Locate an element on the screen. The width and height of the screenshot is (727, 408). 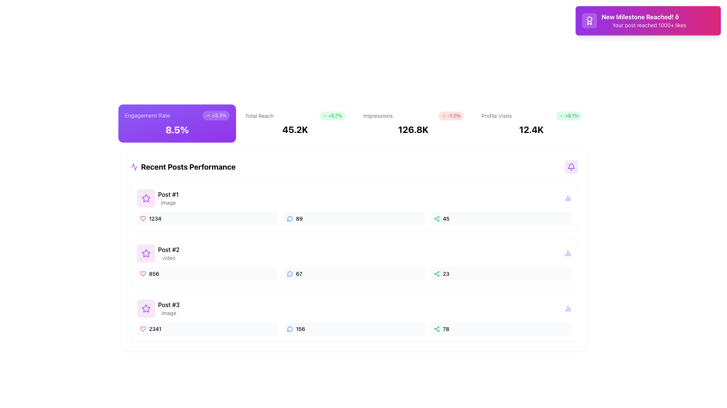
the decorative icon positioned at the far left of the 'Recent Posts Performance' section heading, which visually represents activity or performance-related content is located at coordinates (134, 167).